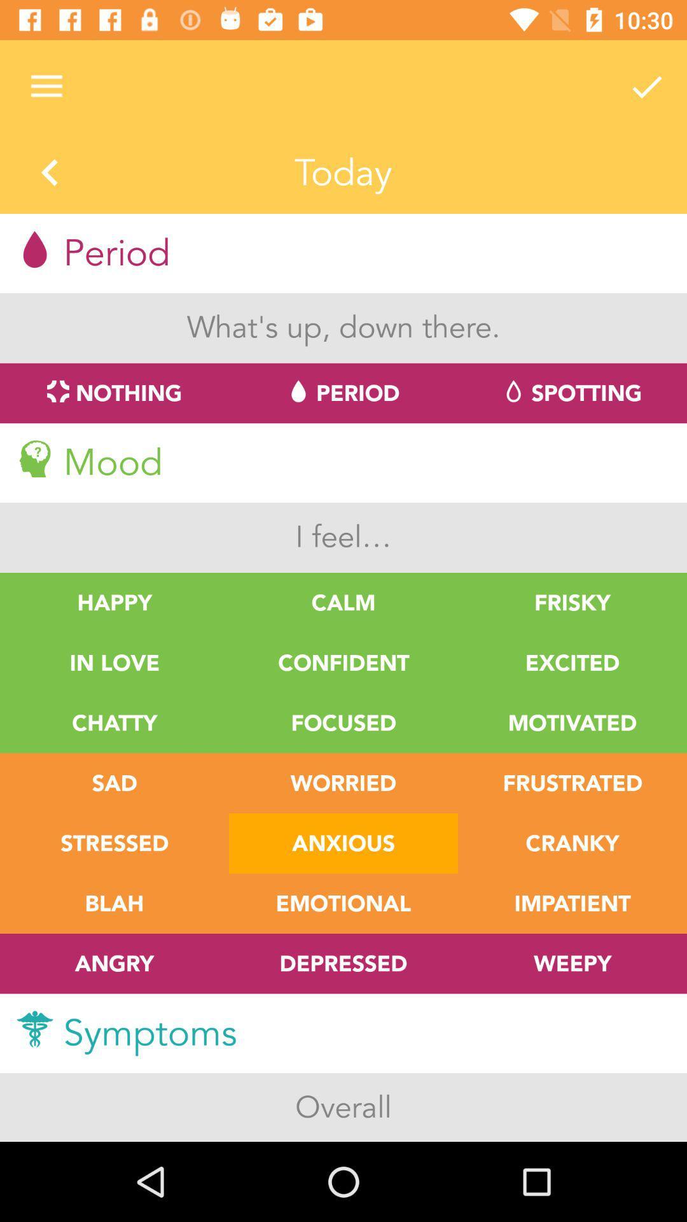 Image resolution: width=687 pixels, height=1222 pixels. I want to click on the arrow_backward icon, so click(49, 173).